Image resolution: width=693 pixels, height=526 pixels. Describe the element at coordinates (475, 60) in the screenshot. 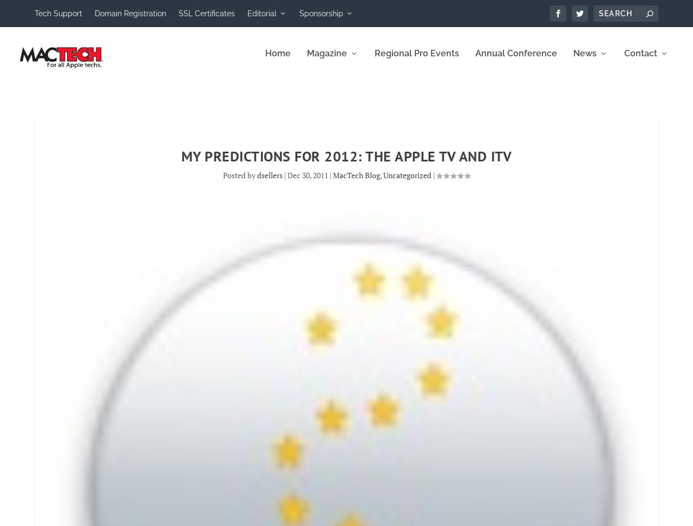

I see `'Annual Conference'` at that location.